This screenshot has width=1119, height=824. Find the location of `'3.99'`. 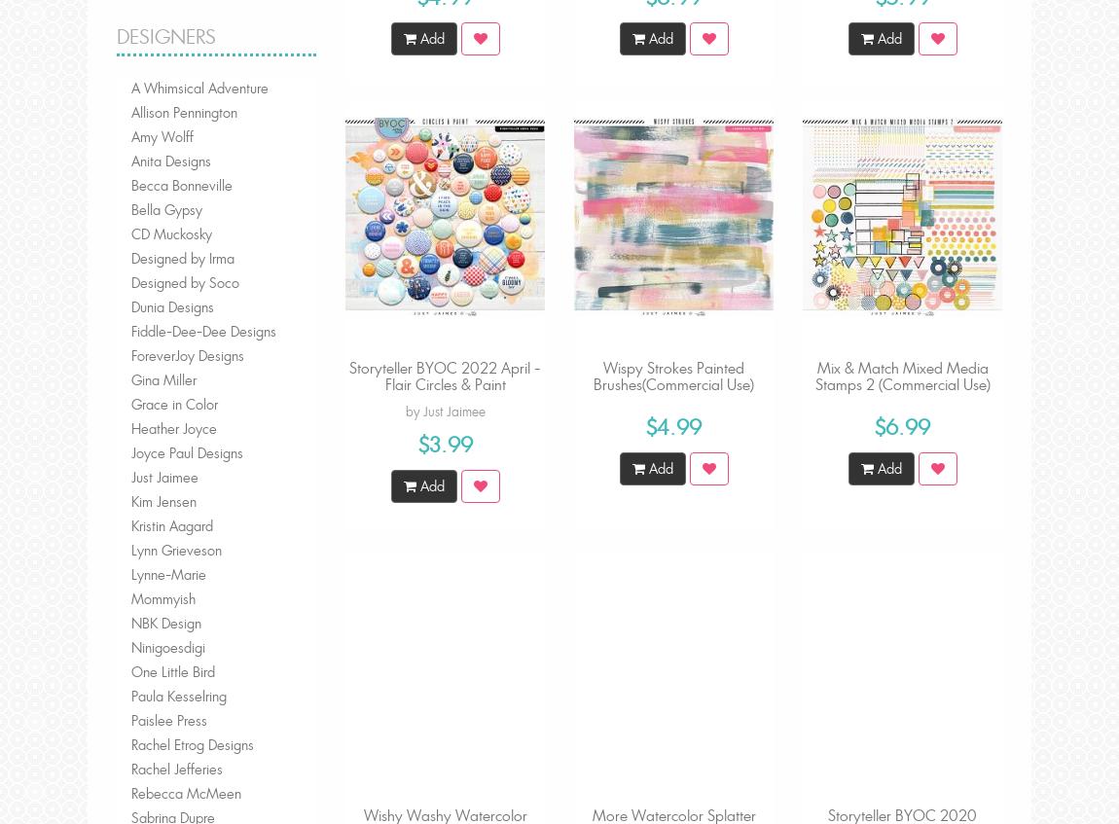

'3.99' is located at coordinates (450, 444).